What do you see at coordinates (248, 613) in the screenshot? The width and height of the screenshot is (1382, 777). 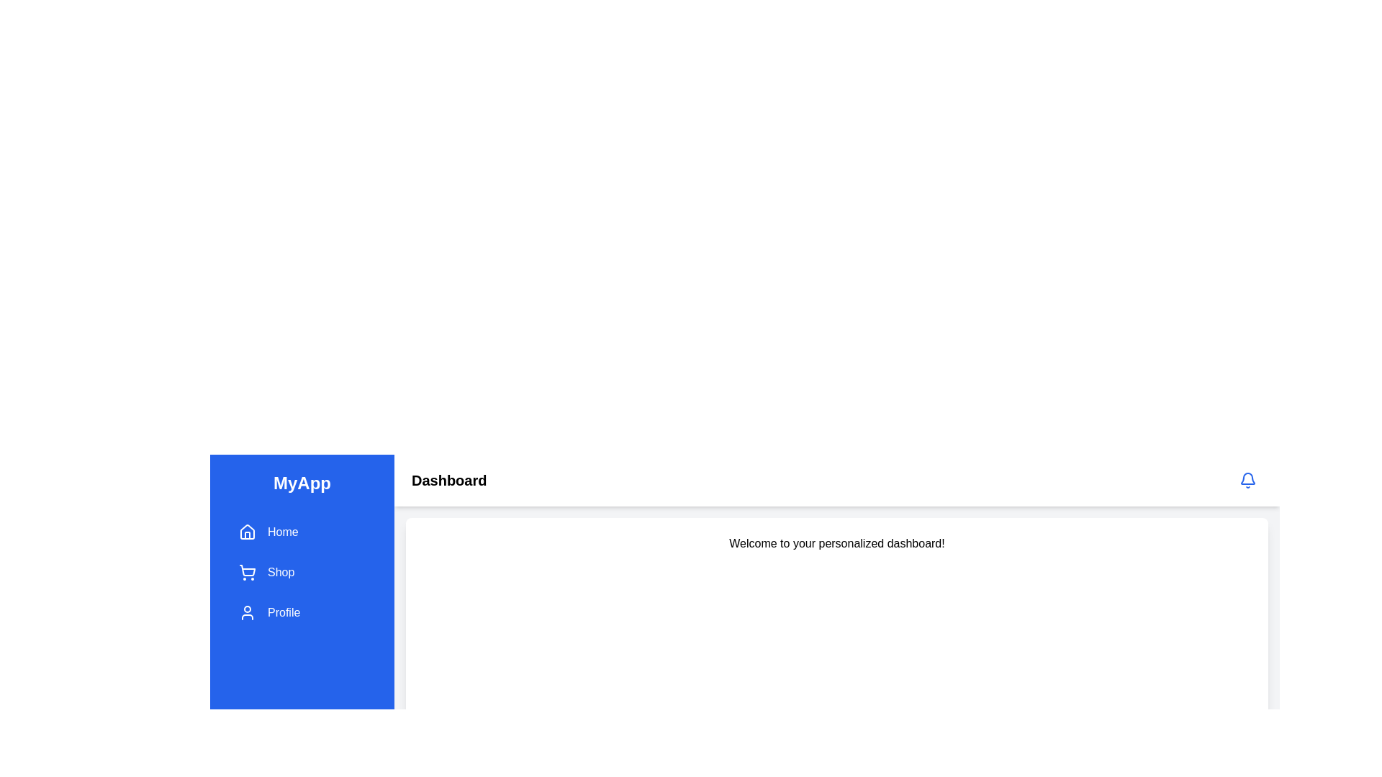 I see `the user silhouette SVG icon located to the left of the text 'Profile' in the navigation bar to interact with the profile feature` at bounding box center [248, 613].